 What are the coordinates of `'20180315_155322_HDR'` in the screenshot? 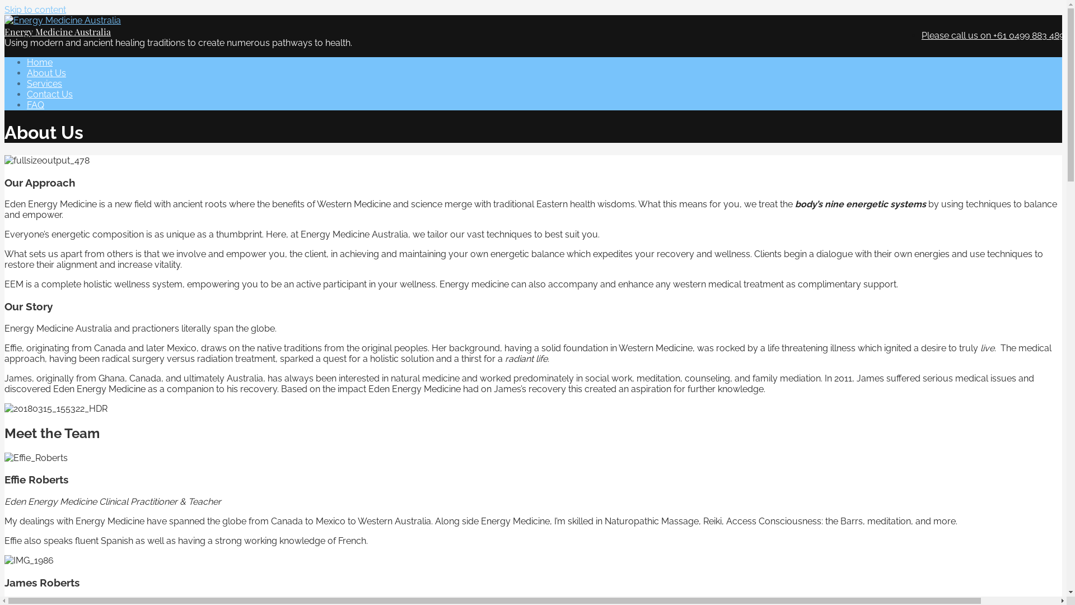 It's located at (55, 408).